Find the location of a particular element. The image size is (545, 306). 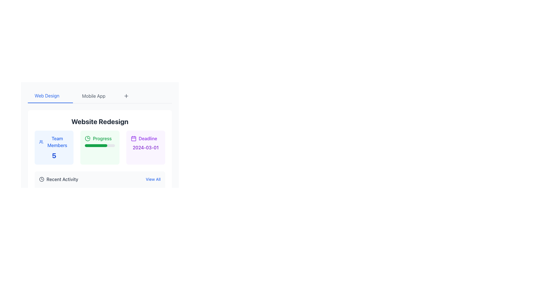

the outer circular component of the clock icon, which has a black border and is located between the progress bar and the deadline information is located at coordinates (41, 179).